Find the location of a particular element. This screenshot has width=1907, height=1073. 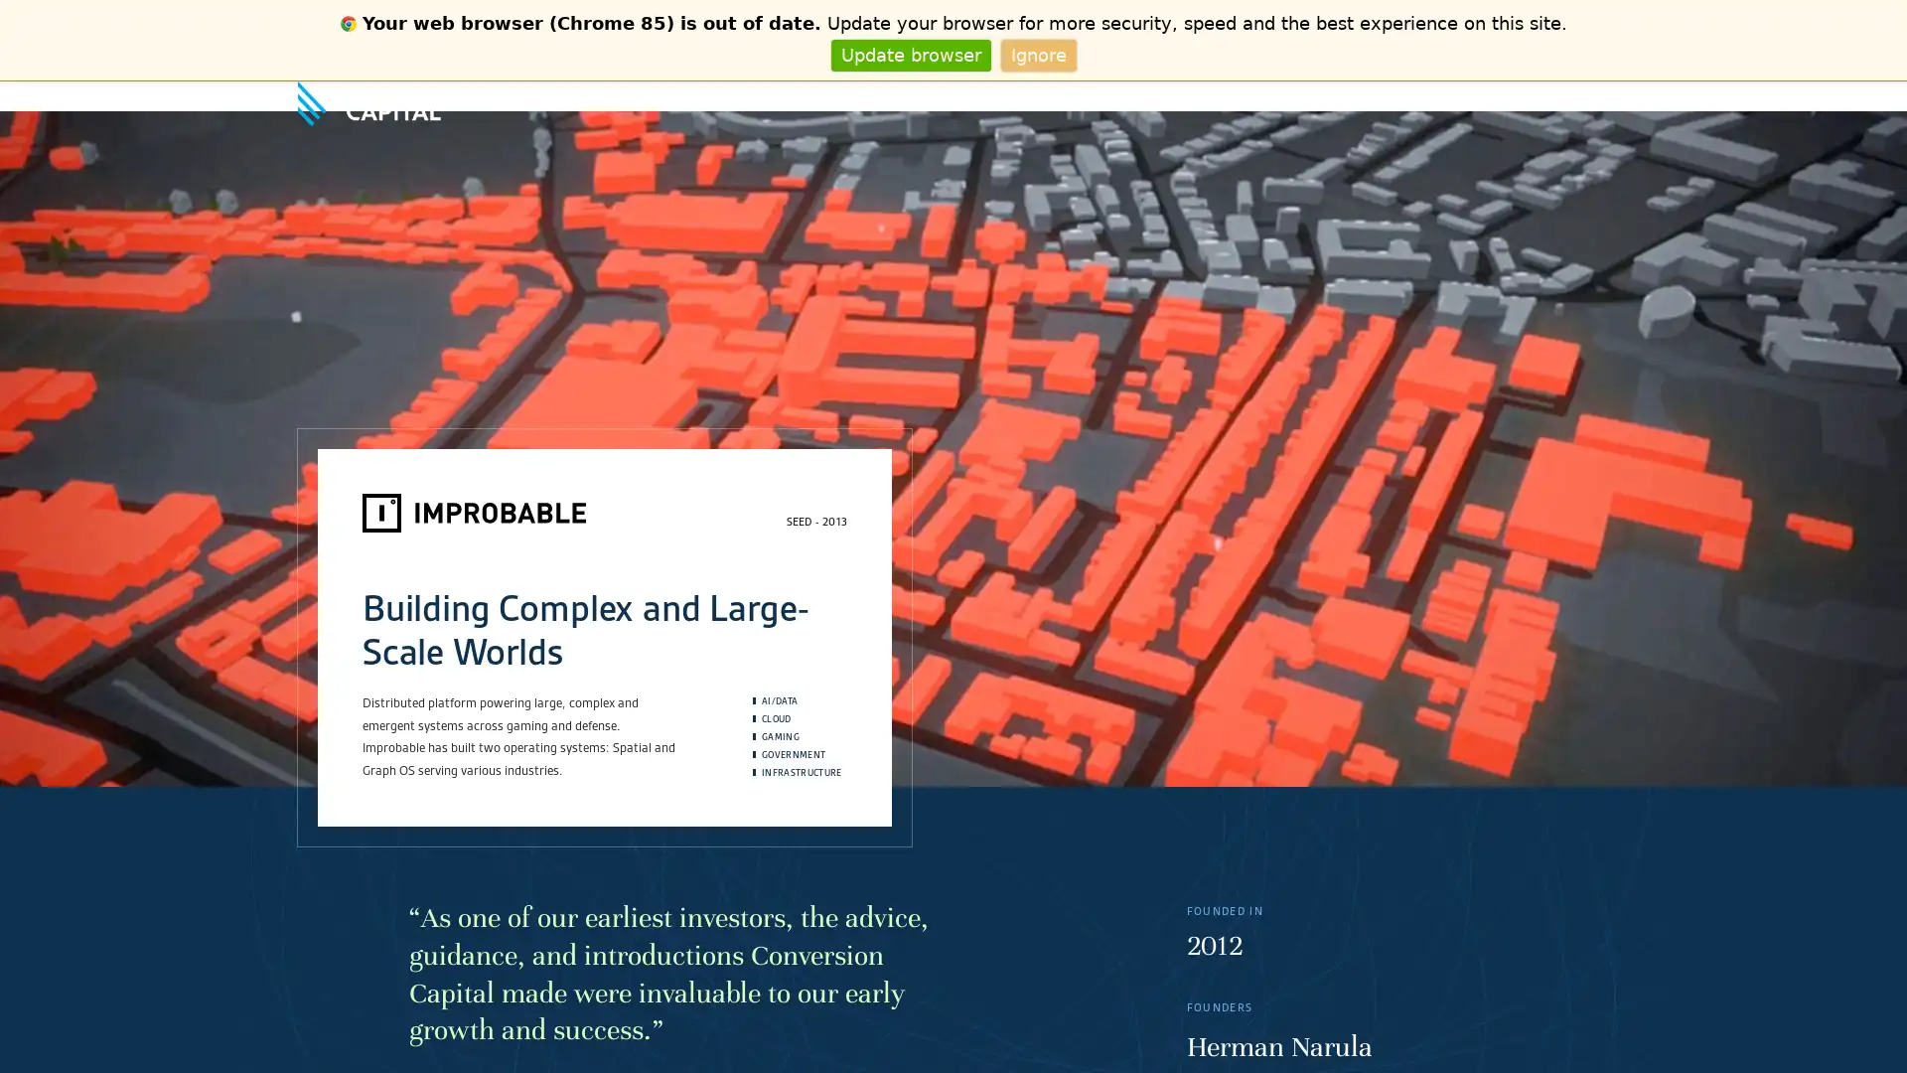

MENU is located at coordinates (1592, 95).